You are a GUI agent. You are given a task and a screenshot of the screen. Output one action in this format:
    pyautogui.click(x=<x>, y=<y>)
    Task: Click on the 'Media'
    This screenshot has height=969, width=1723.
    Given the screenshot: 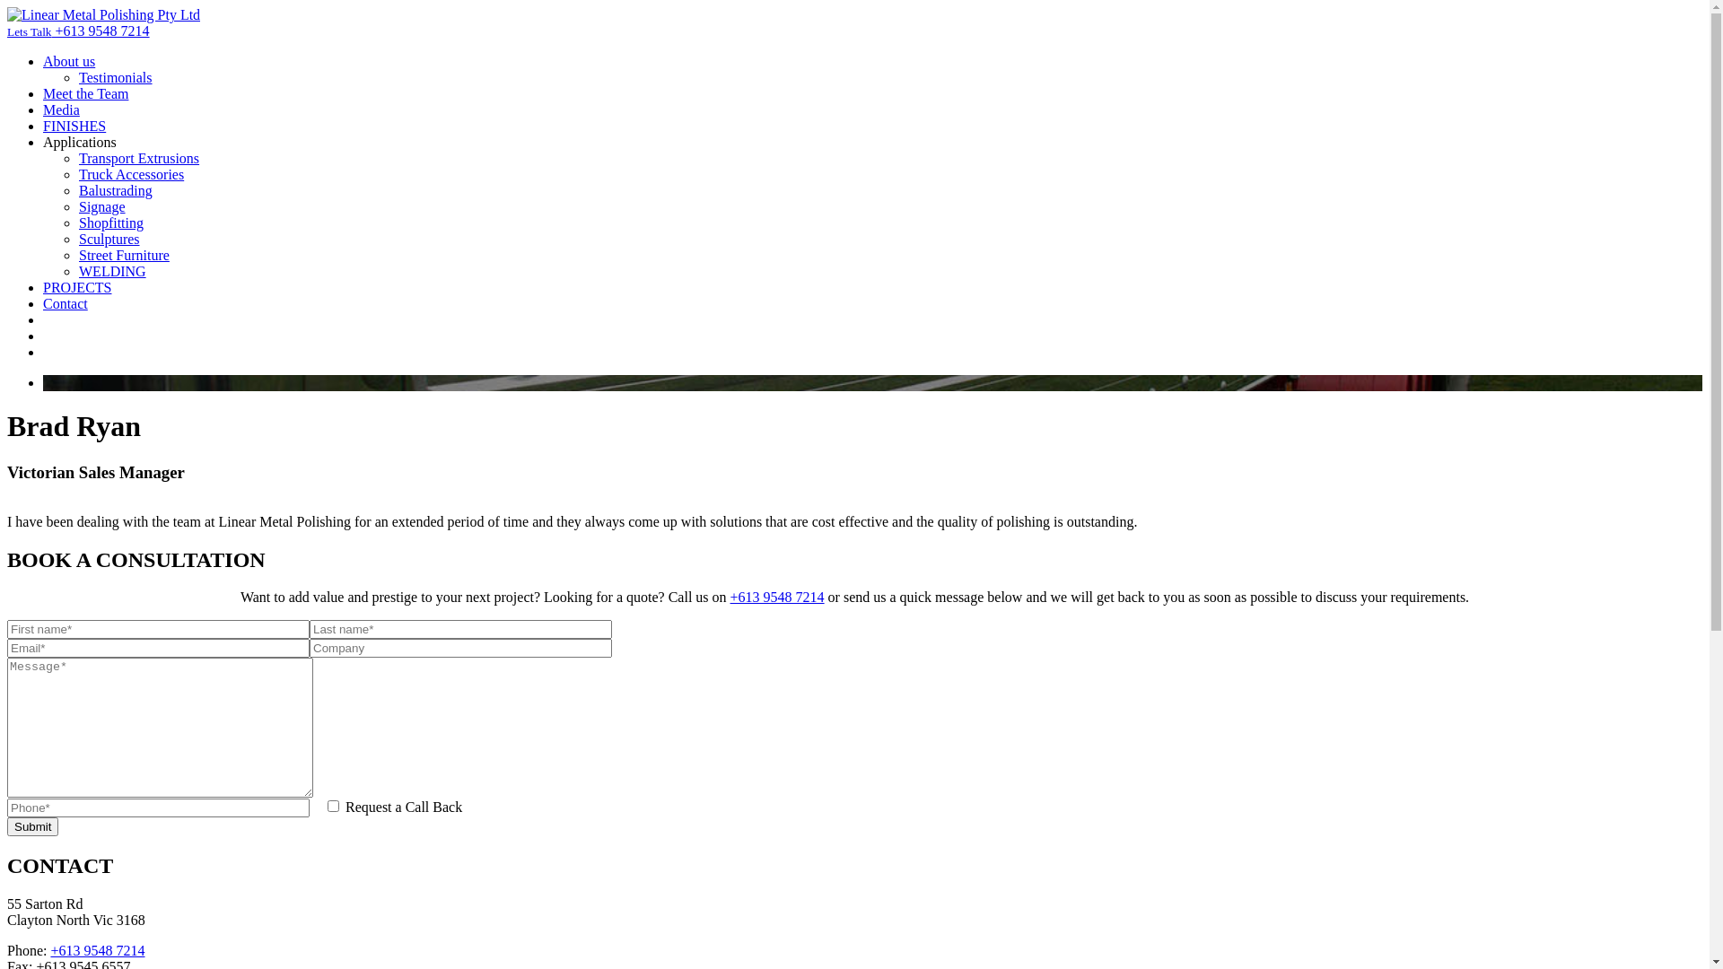 What is the action you would take?
    pyautogui.click(x=61, y=109)
    